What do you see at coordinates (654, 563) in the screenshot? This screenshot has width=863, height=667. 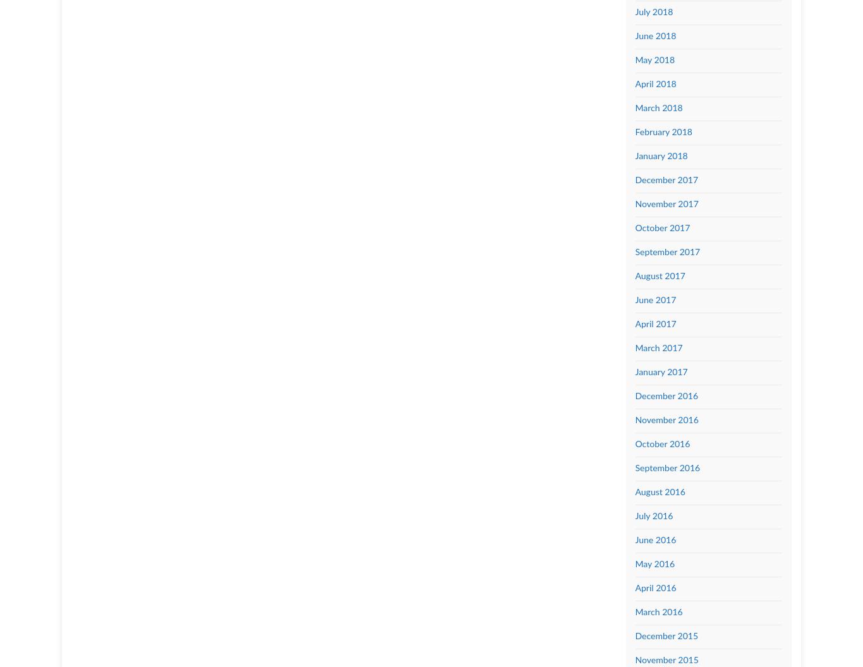 I see `'May 2016'` at bounding box center [654, 563].